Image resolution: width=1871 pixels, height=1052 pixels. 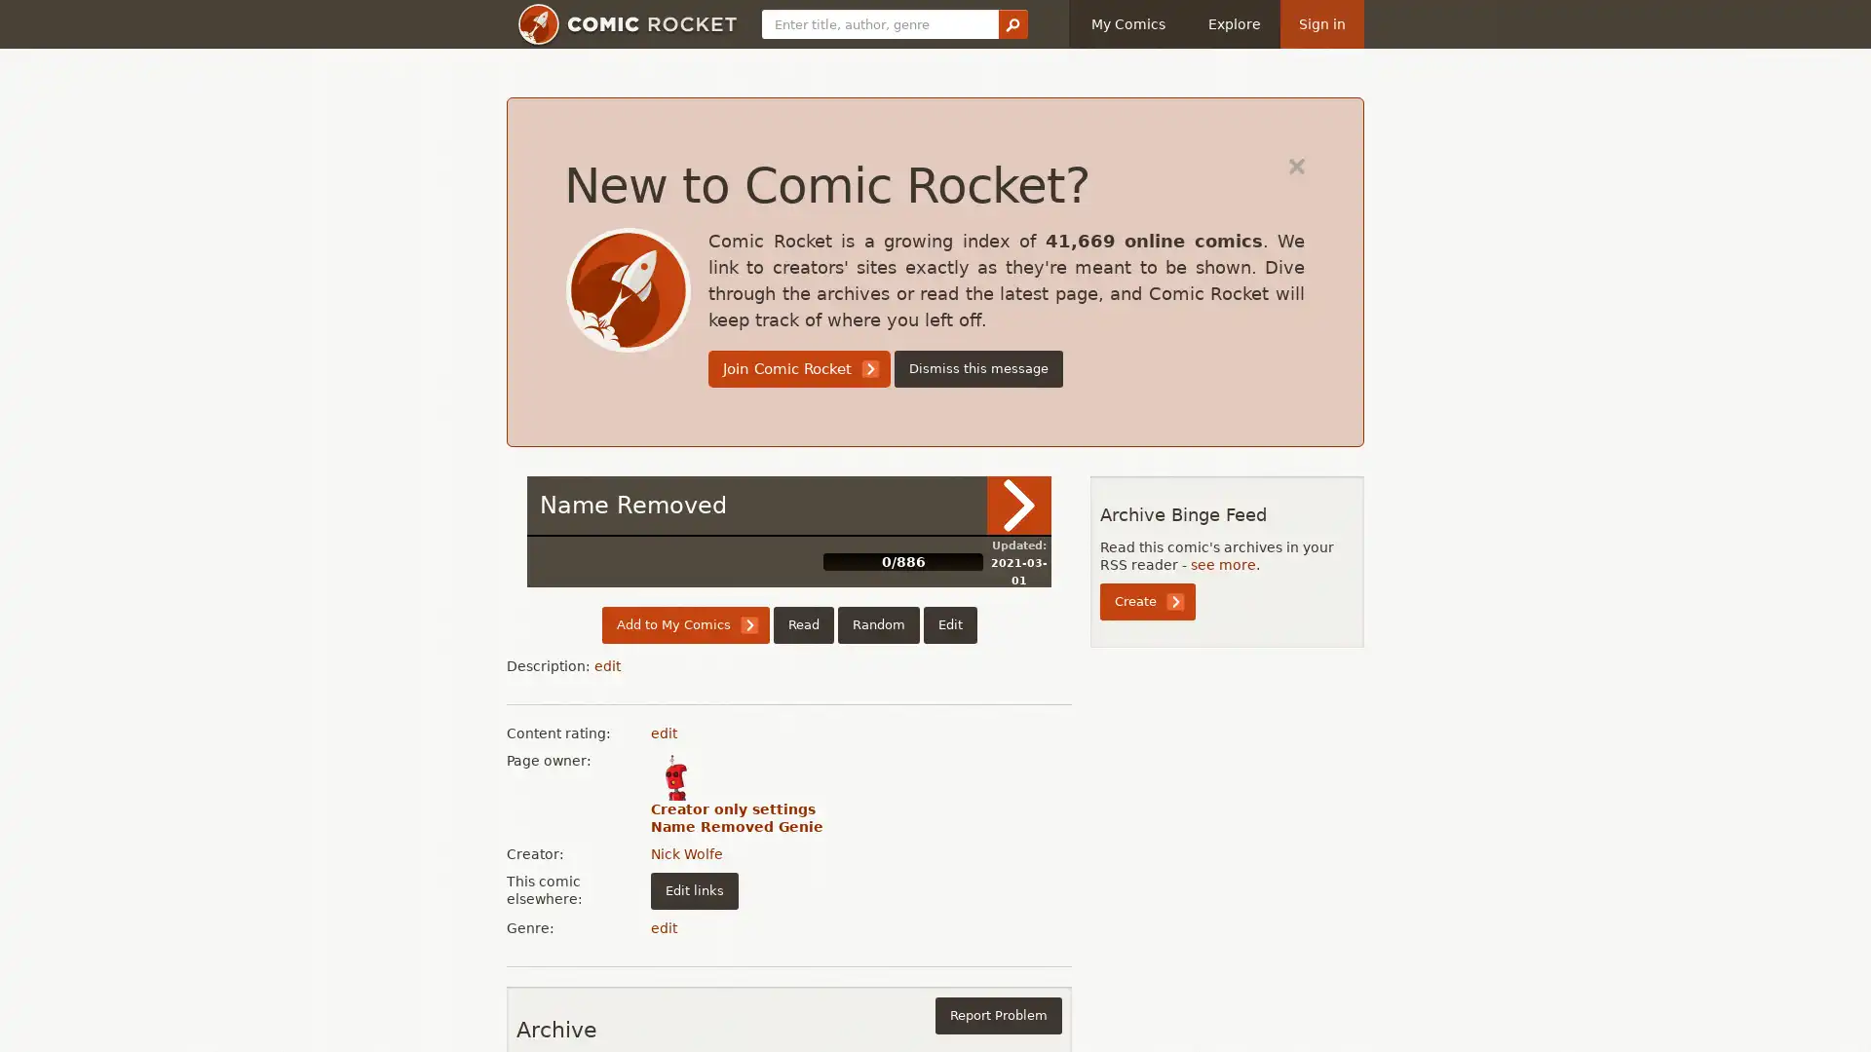 I want to click on Create, so click(x=1147, y=600).